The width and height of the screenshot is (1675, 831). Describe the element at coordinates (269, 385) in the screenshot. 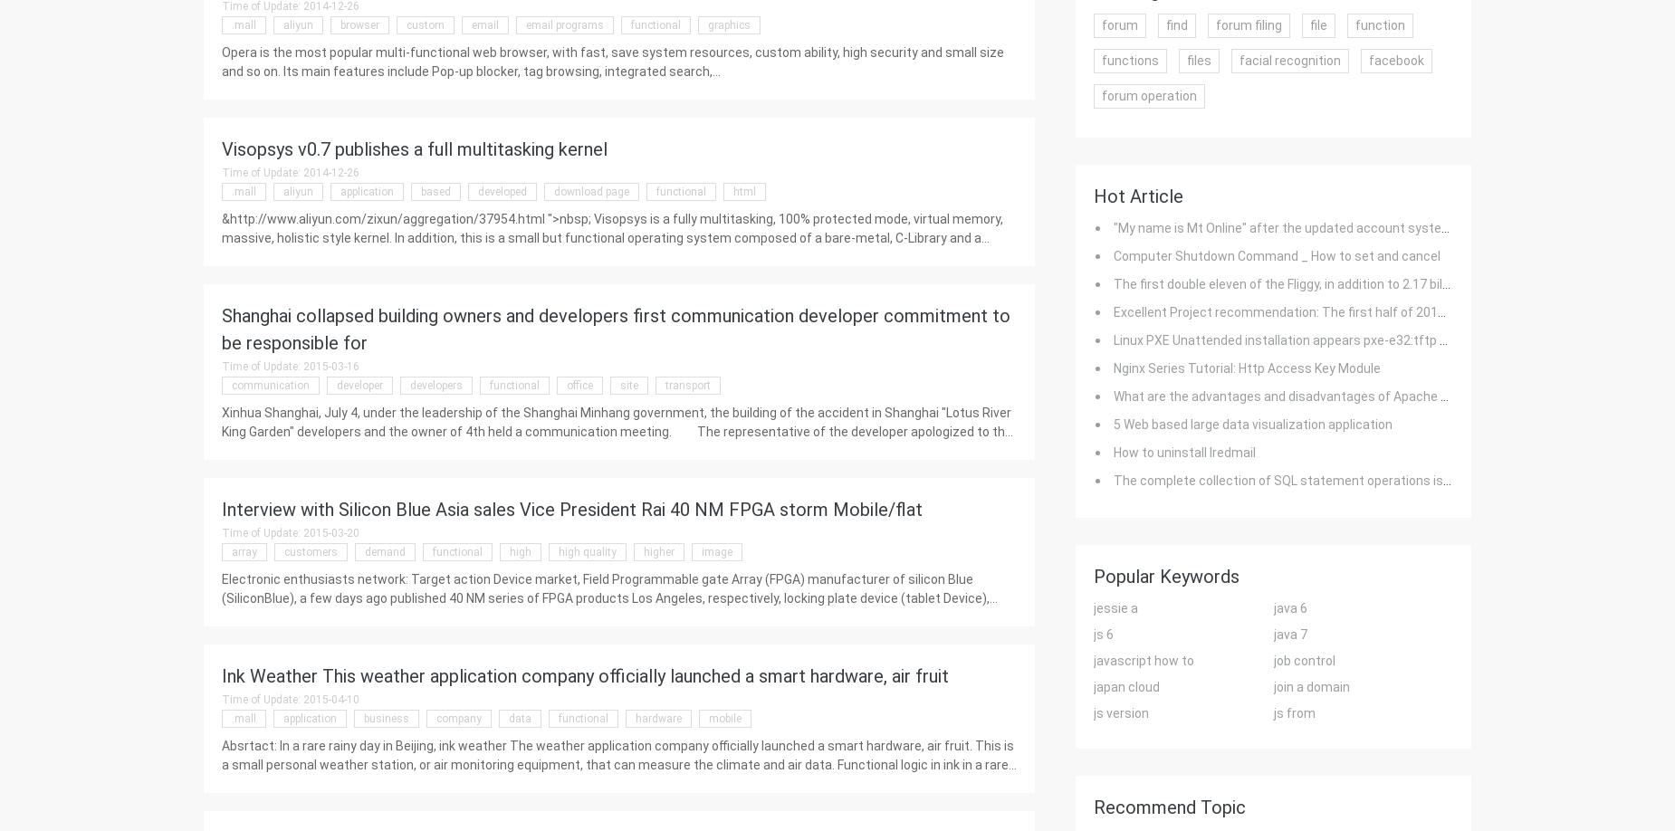

I see `'communication'` at that location.